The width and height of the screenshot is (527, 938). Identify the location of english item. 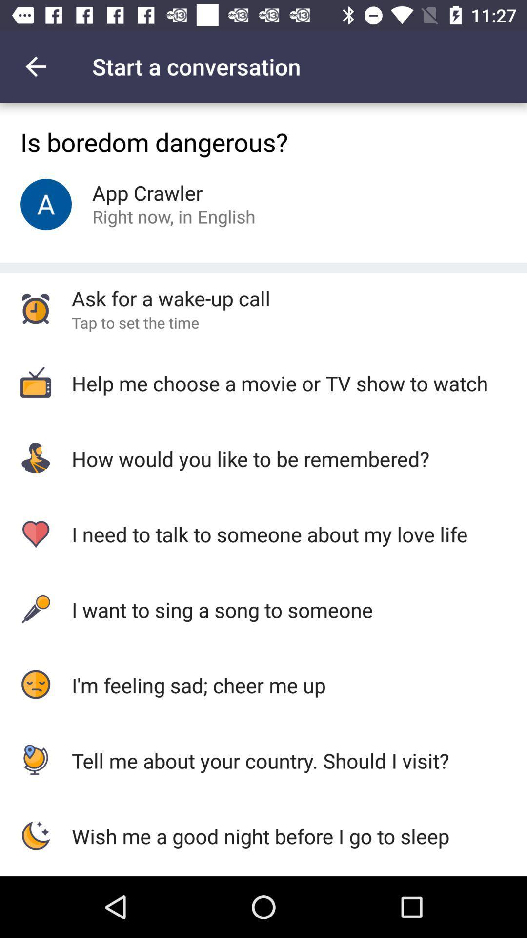
(226, 216).